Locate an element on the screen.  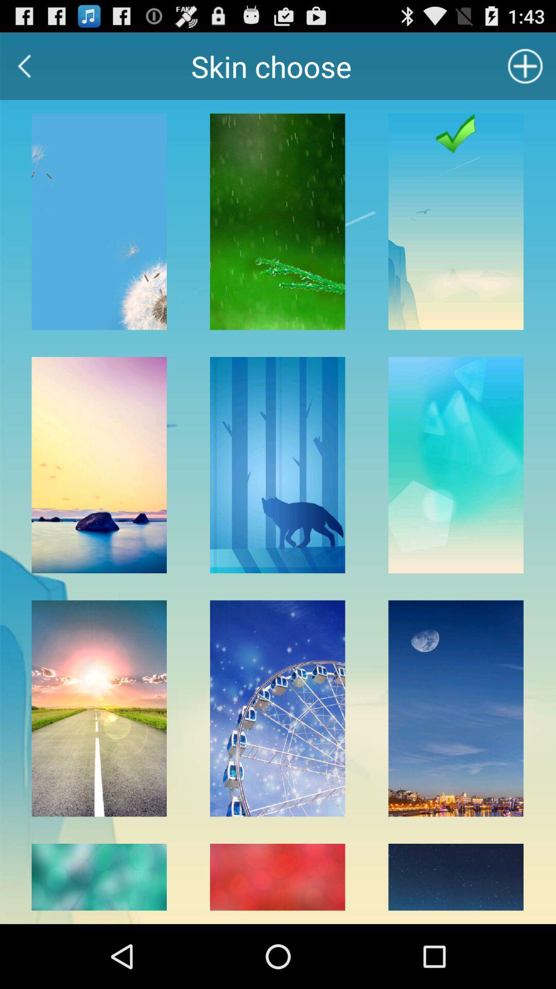
the add icon is located at coordinates (525, 70).